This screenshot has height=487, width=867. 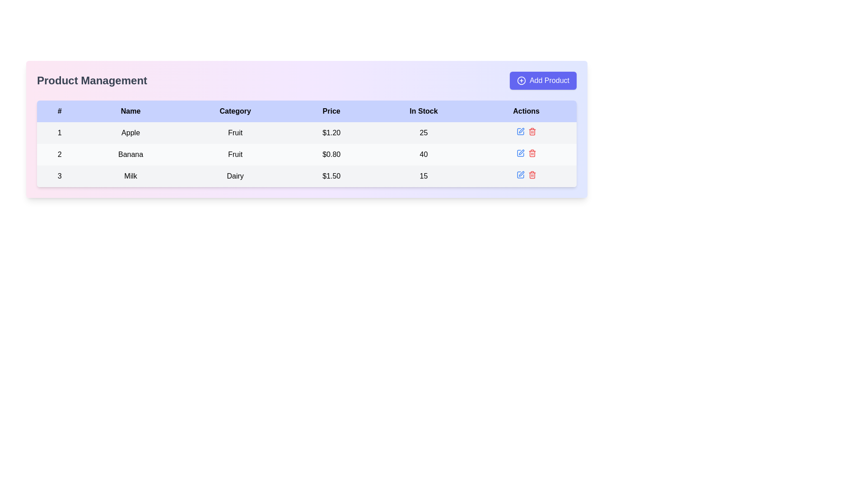 I want to click on the text label displaying 'Price' in bold, which is the fourth column header in a light blue header row of a table, so click(x=331, y=110).